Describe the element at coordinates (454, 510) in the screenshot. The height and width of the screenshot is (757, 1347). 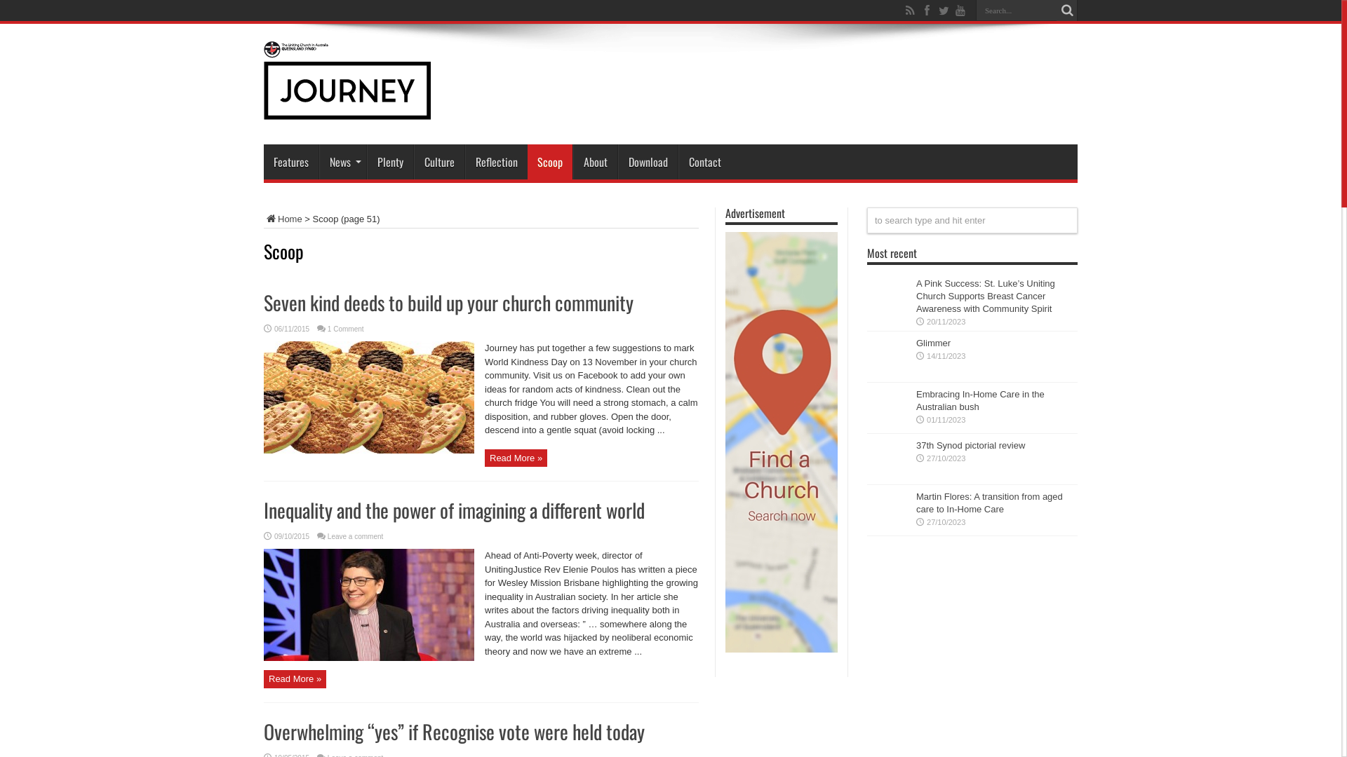
I see `'Inequality and the power of imagining a different world'` at that location.